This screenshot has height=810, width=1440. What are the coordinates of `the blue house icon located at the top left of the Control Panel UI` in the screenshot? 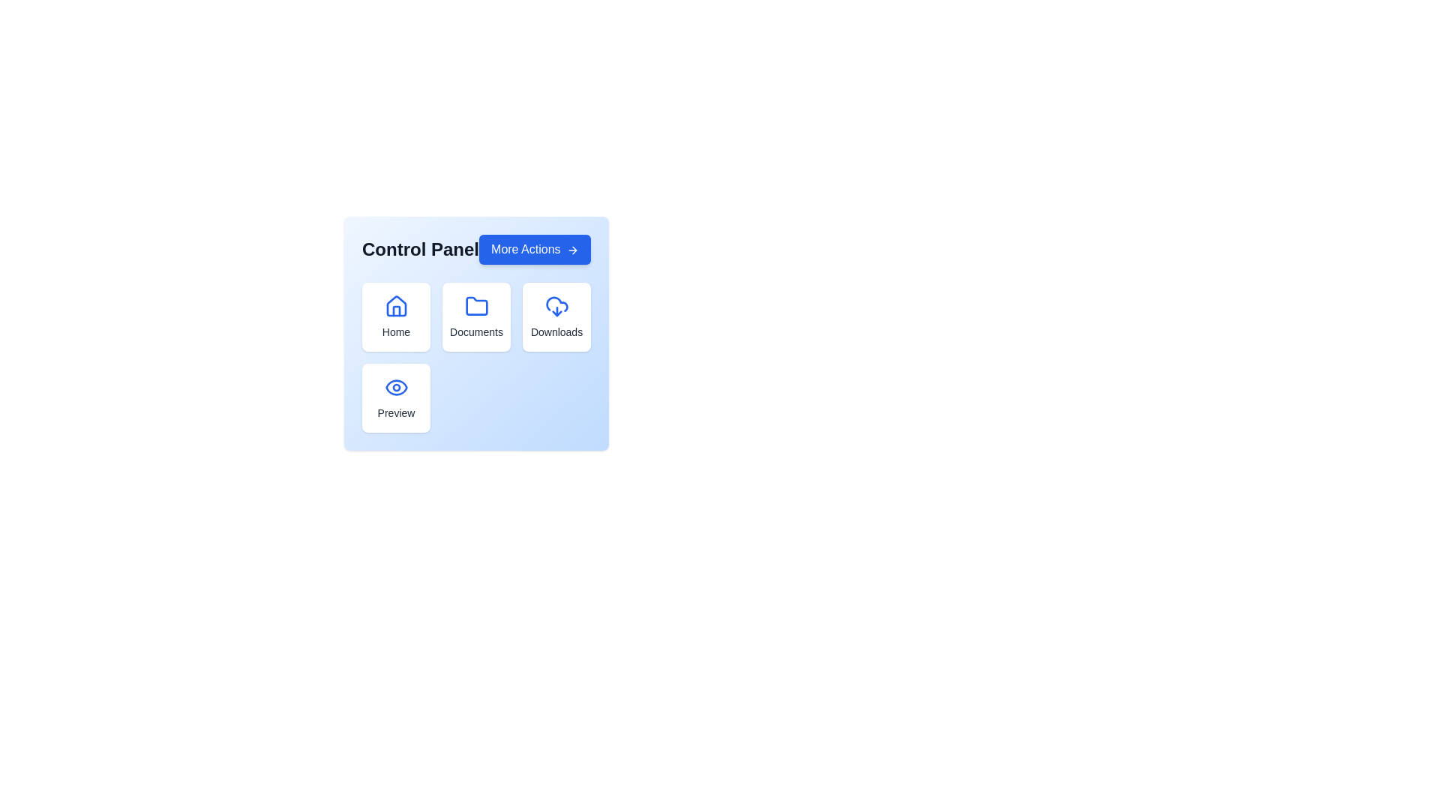 It's located at (396, 305).